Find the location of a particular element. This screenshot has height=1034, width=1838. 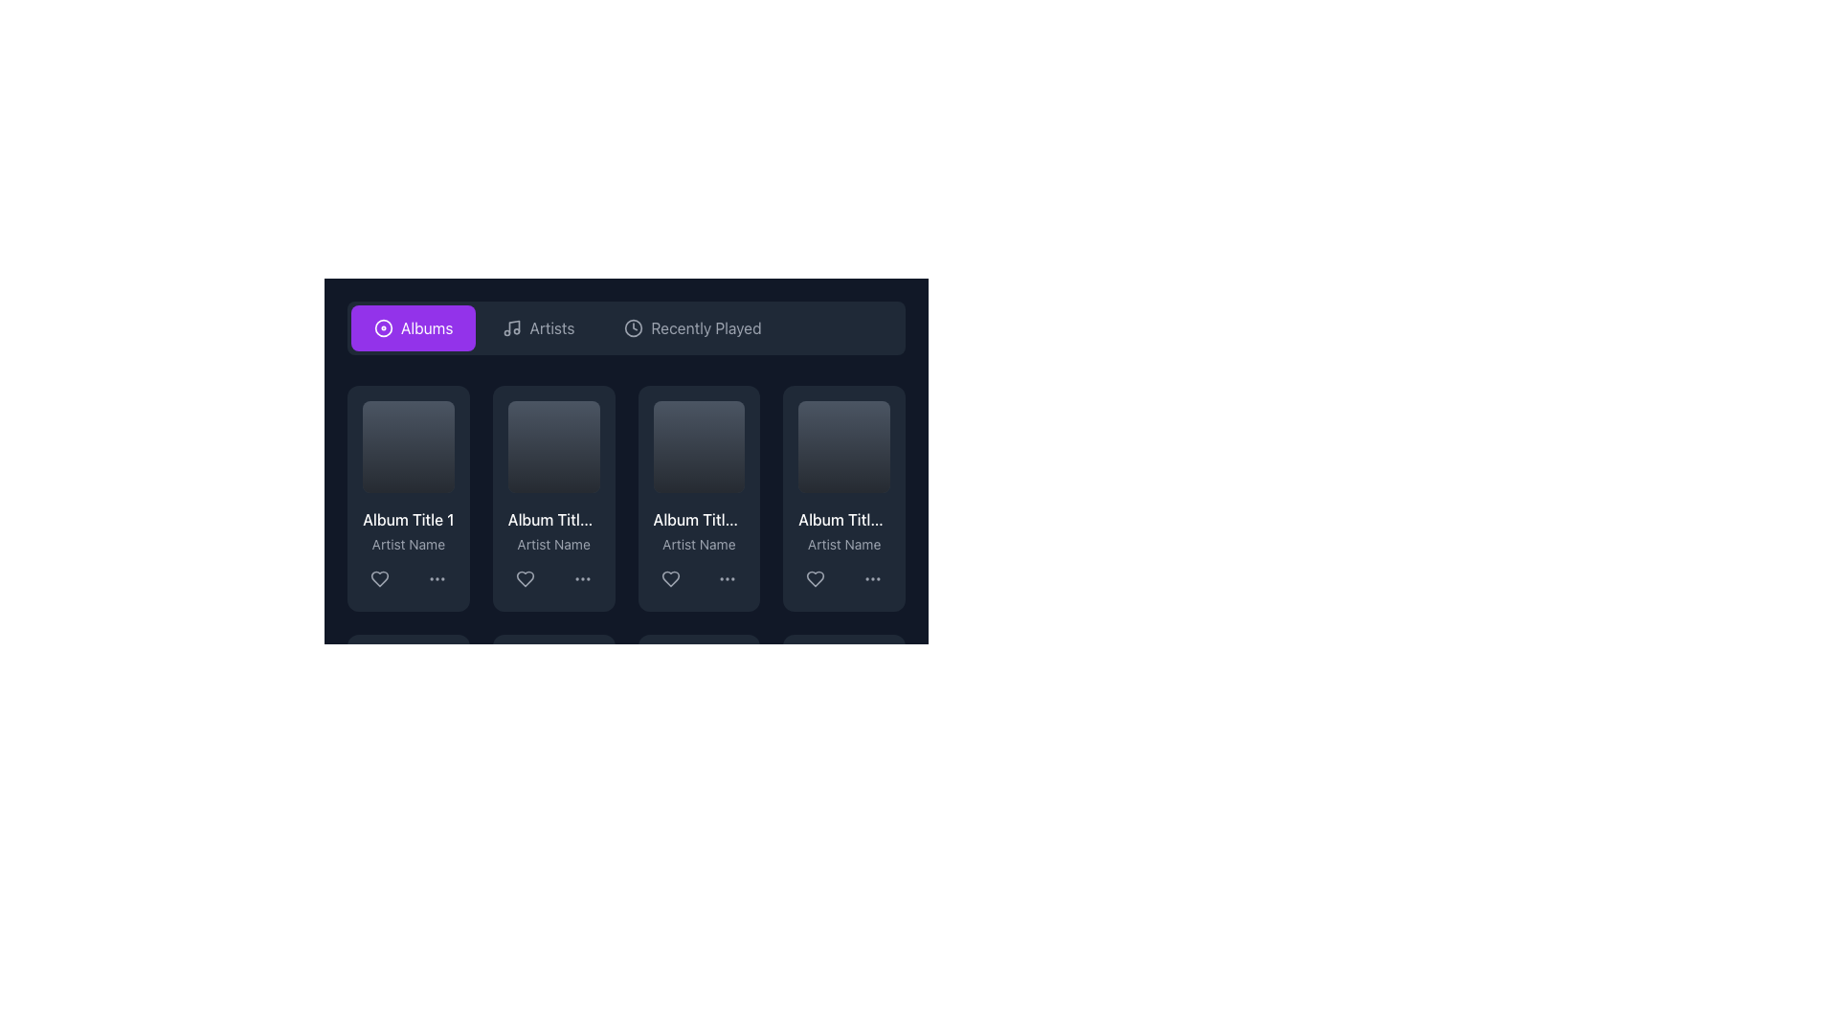

the album card located is located at coordinates (626, 450).